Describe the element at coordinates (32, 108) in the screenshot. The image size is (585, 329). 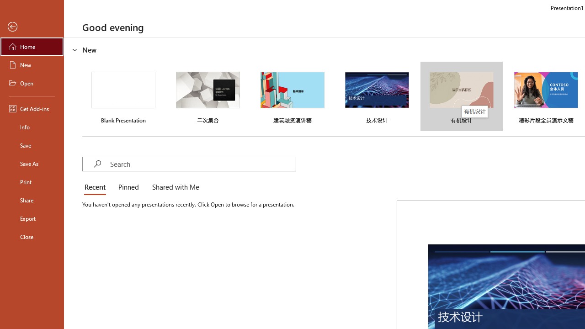
I see `'Get Add-ins'` at that location.